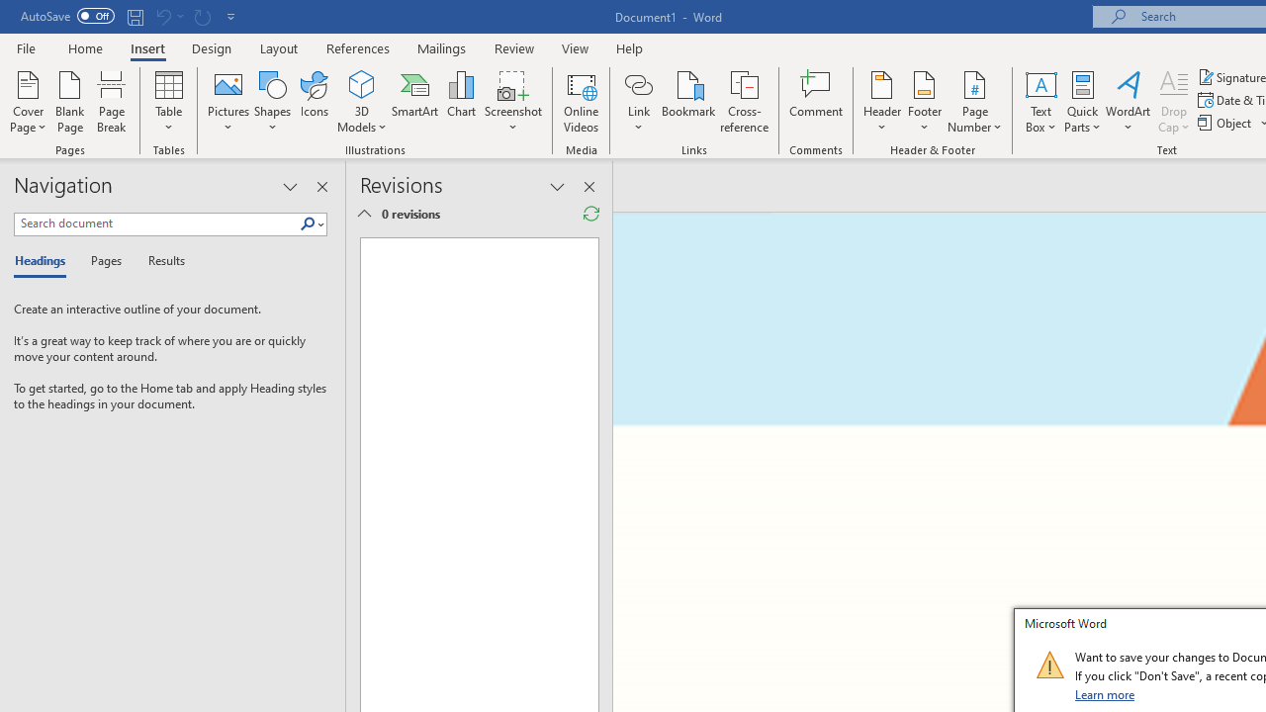 The height and width of the screenshot is (712, 1266). Describe the element at coordinates (70, 102) in the screenshot. I see `'Blank Page'` at that location.